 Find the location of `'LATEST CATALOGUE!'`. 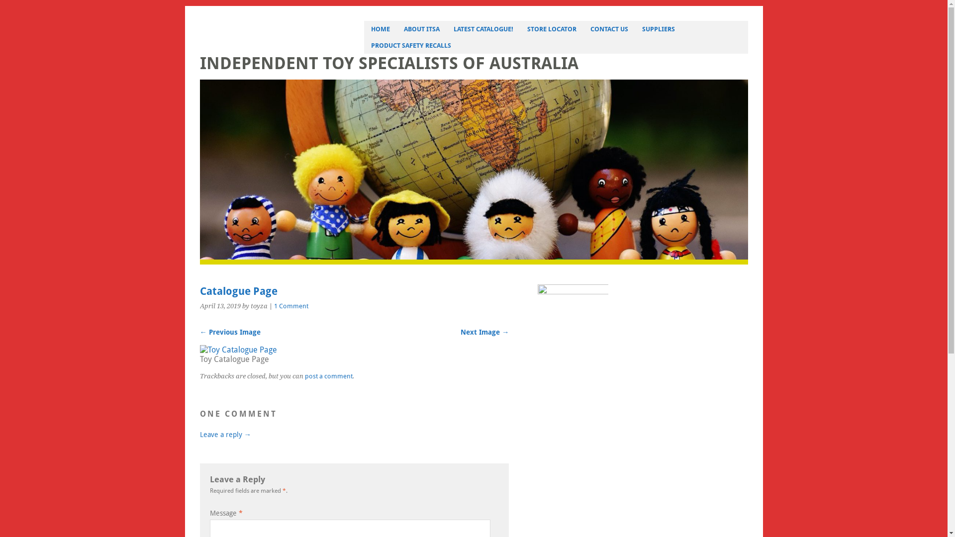

'LATEST CATALOGUE!' is located at coordinates (446, 28).